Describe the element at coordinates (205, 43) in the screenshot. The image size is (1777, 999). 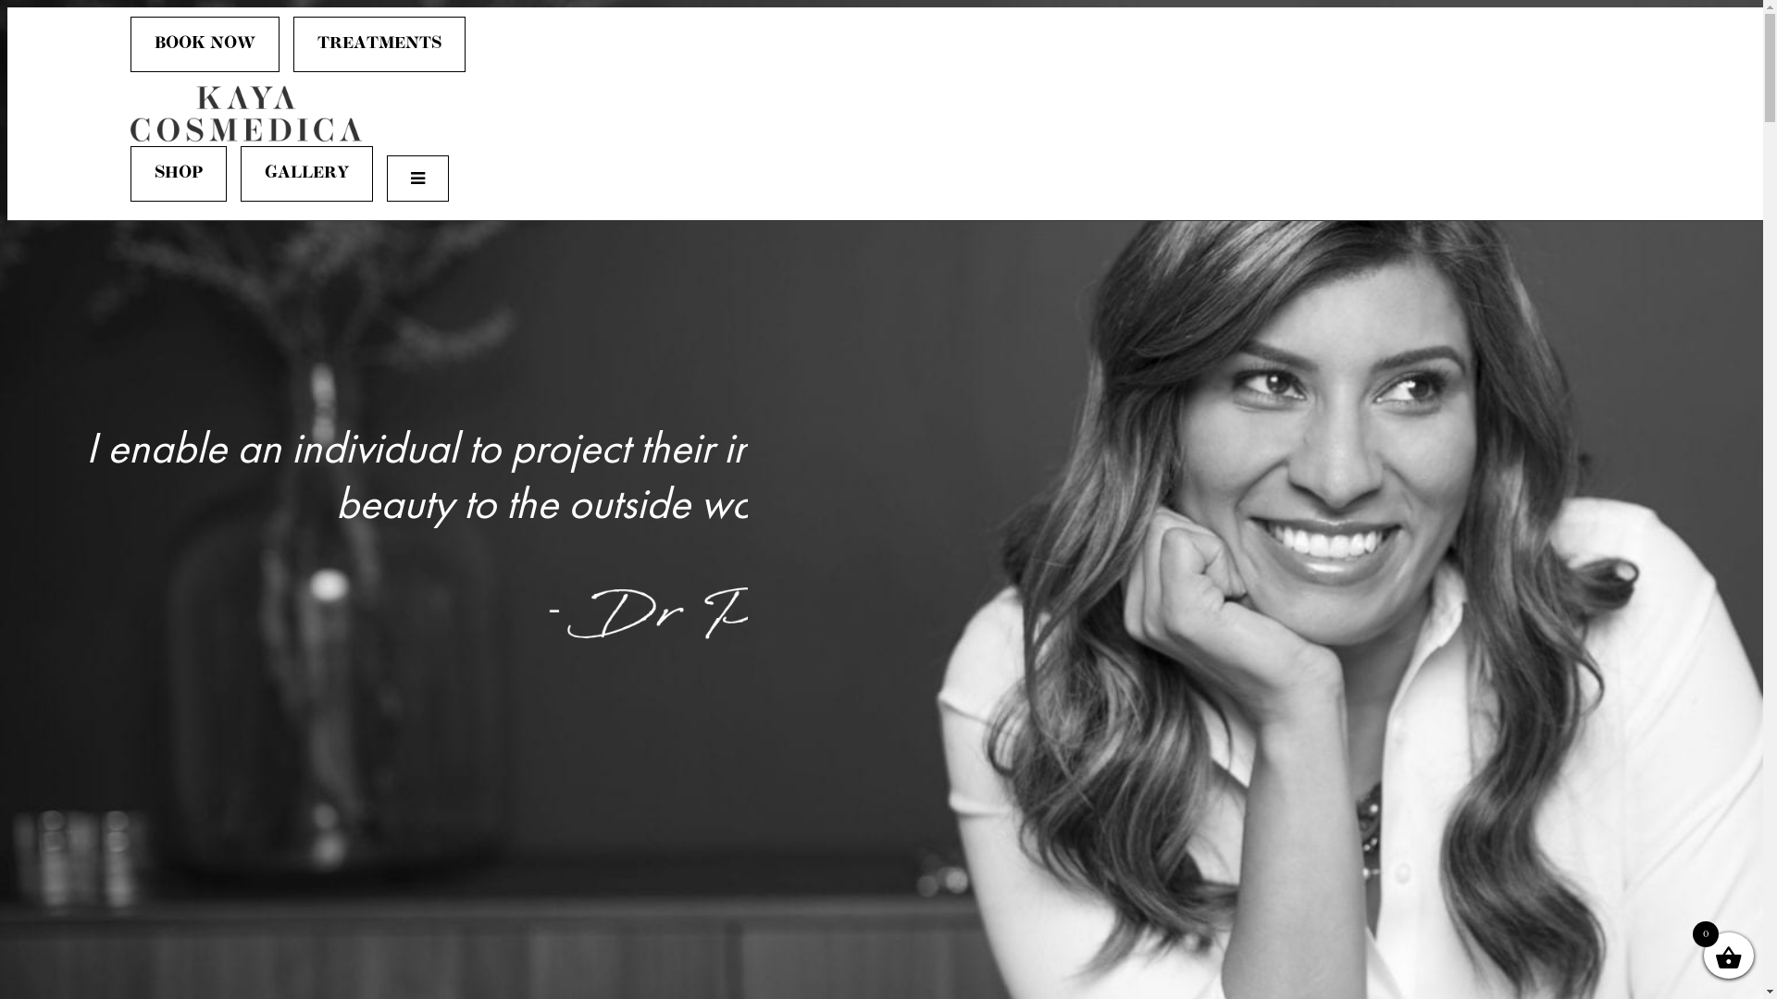
I see `'BOOK NOW'` at that location.